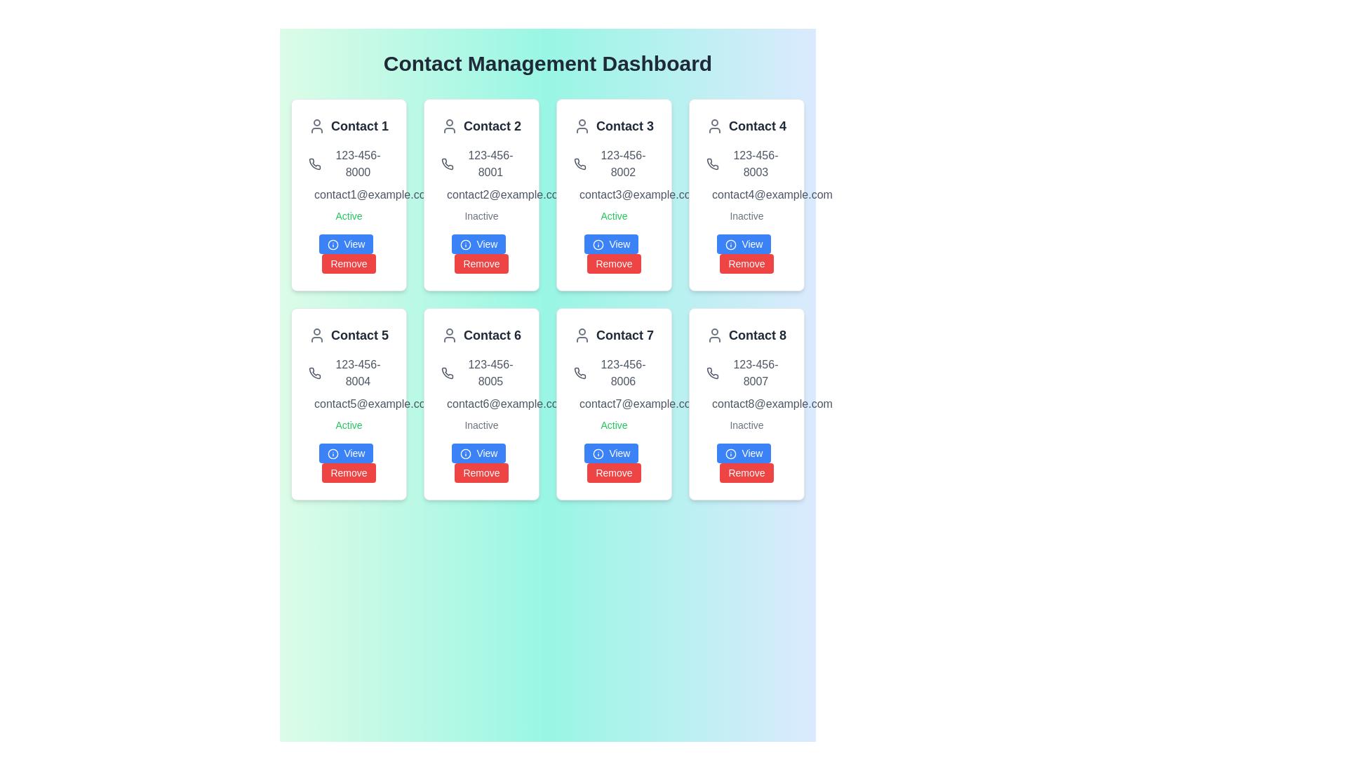 This screenshot has width=1347, height=758. Describe the element at coordinates (349, 194) in the screenshot. I see `the email address text label 'contact1@example.com' located below the phone number in the contact card labeled 'Contact 1'` at that location.